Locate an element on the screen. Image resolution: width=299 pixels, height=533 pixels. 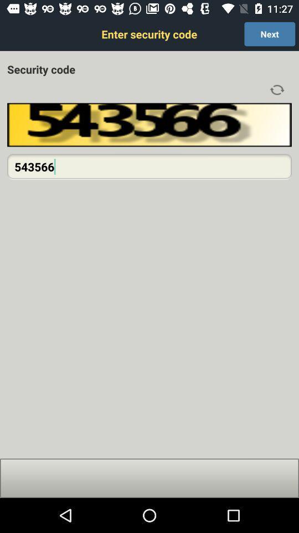
refresh button is located at coordinates (276, 89).